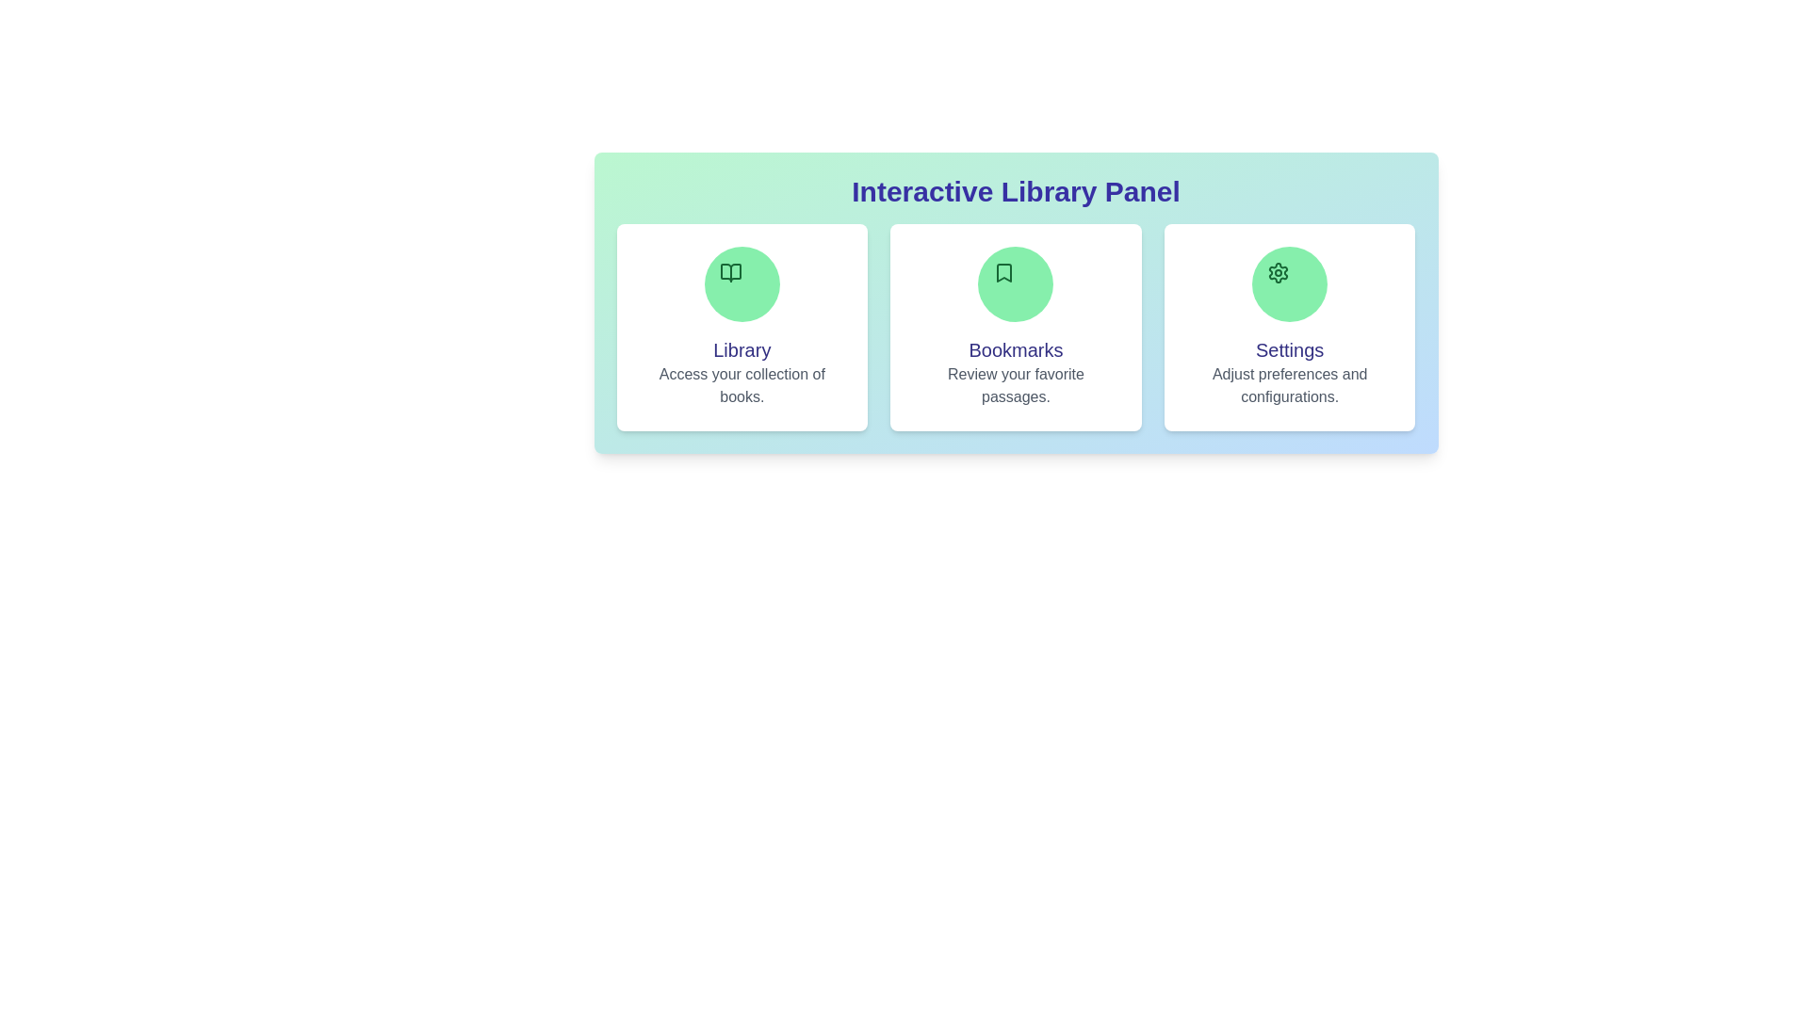 The width and height of the screenshot is (1809, 1017). Describe the element at coordinates (1289, 349) in the screenshot. I see `the section title Settings to highlight it` at that location.